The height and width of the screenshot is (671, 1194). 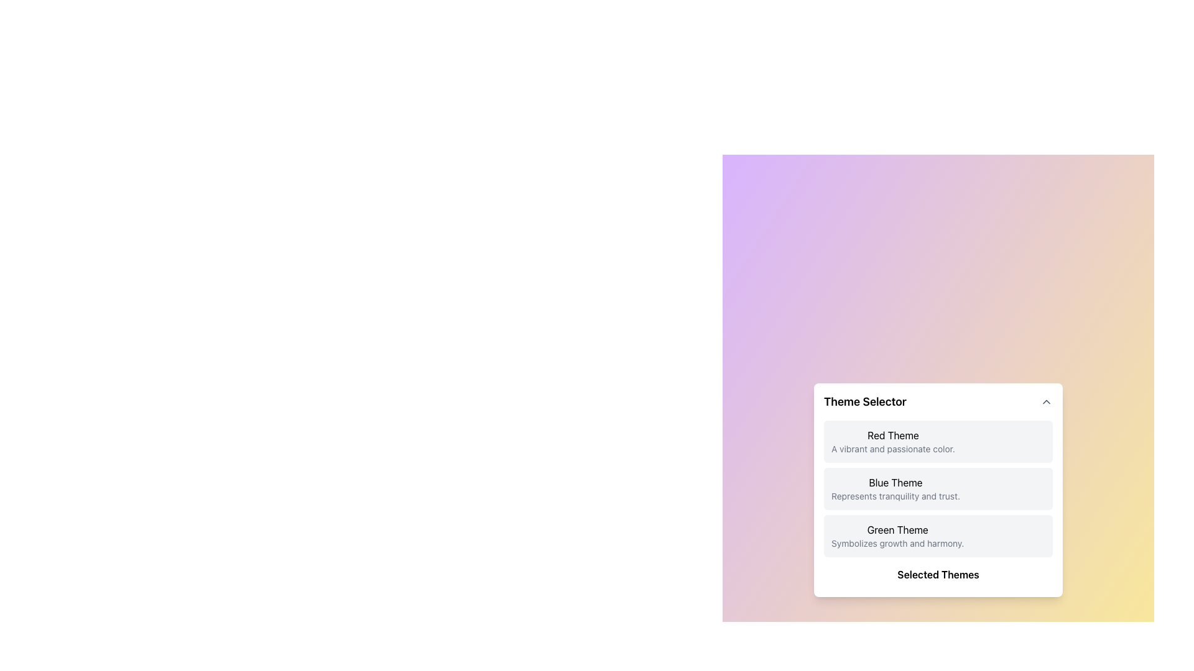 I want to click on the 'Blue Theme' selection option in the theme selector interface, so click(x=938, y=488).